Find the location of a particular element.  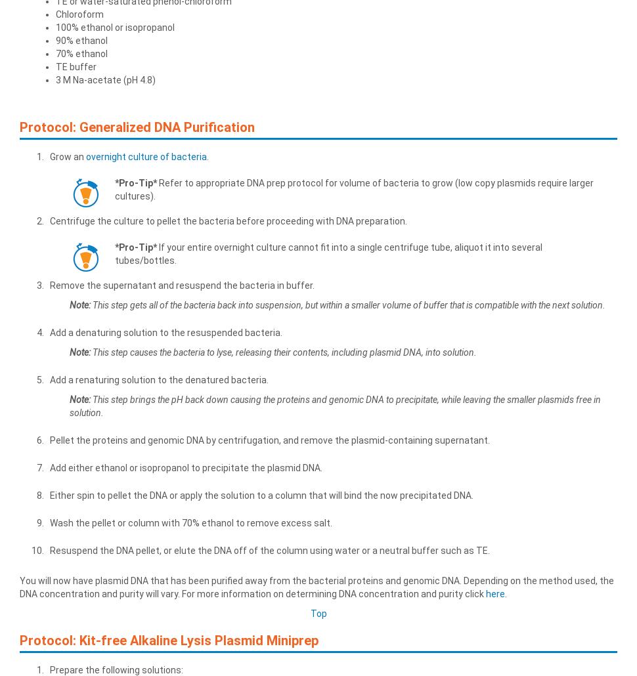

'If your entire overnight culture cannot fit into a single centrifuge tube, aliquot it into several tubes/bottles.' is located at coordinates (328, 253).